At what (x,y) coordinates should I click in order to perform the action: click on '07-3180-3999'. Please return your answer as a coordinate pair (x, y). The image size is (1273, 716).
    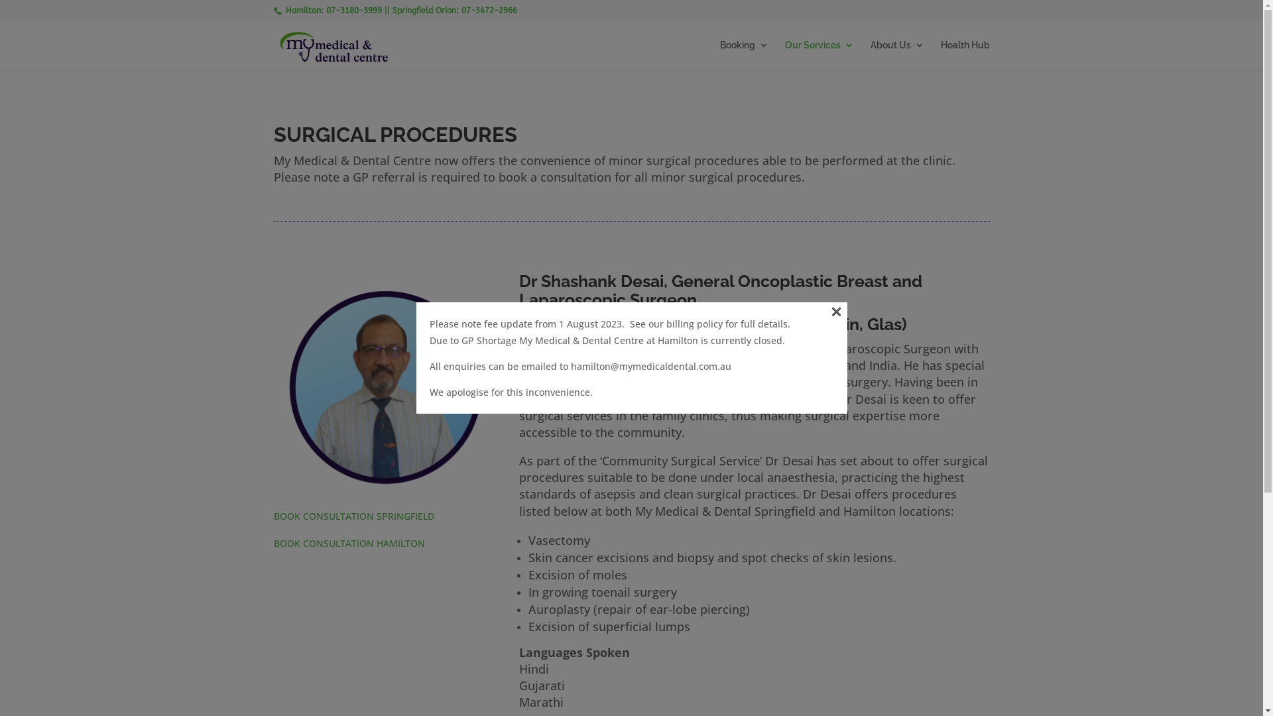
    Looking at the image, I should click on (353, 10).